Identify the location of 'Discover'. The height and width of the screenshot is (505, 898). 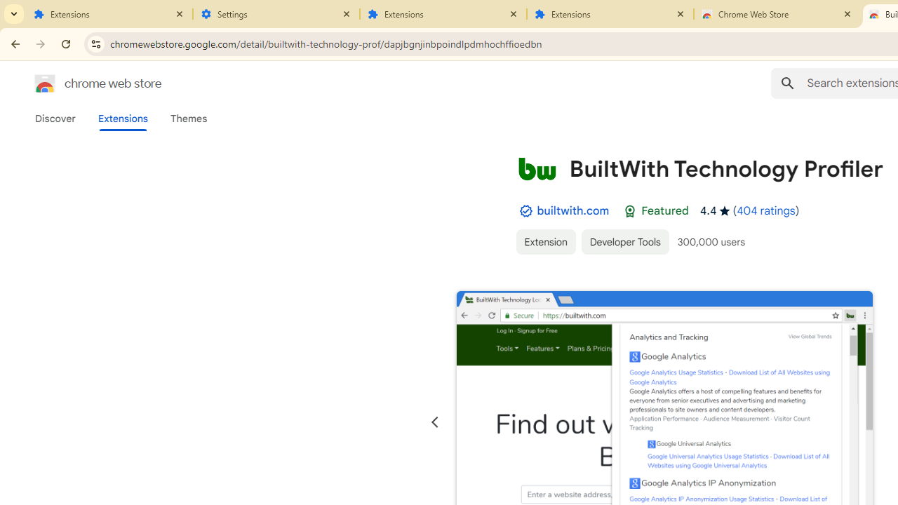
(55, 118).